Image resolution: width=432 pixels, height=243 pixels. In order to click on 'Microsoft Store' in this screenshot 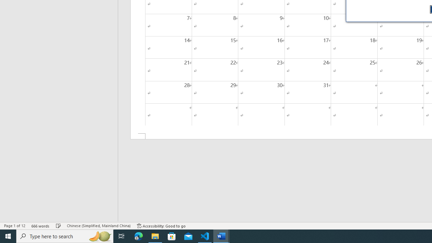, I will do `click(172, 236)`.